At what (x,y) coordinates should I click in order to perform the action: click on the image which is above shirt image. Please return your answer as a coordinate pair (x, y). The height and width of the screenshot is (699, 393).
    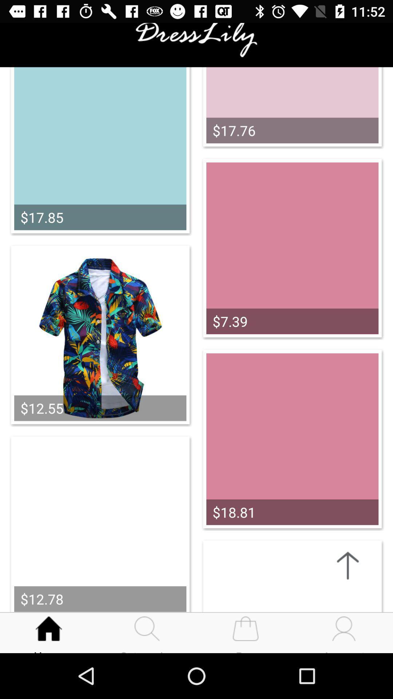
    Looking at the image, I should click on (100, 152).